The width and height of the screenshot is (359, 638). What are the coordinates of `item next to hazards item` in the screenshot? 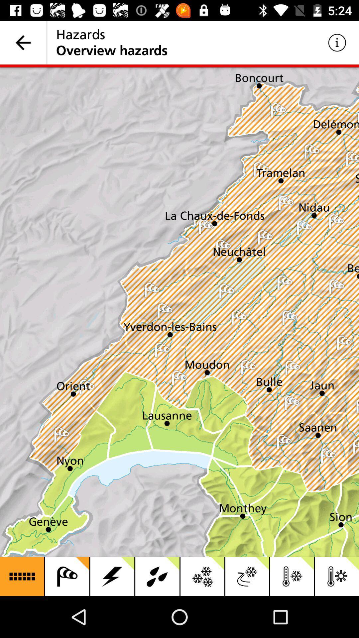 It's located at (23, 42).